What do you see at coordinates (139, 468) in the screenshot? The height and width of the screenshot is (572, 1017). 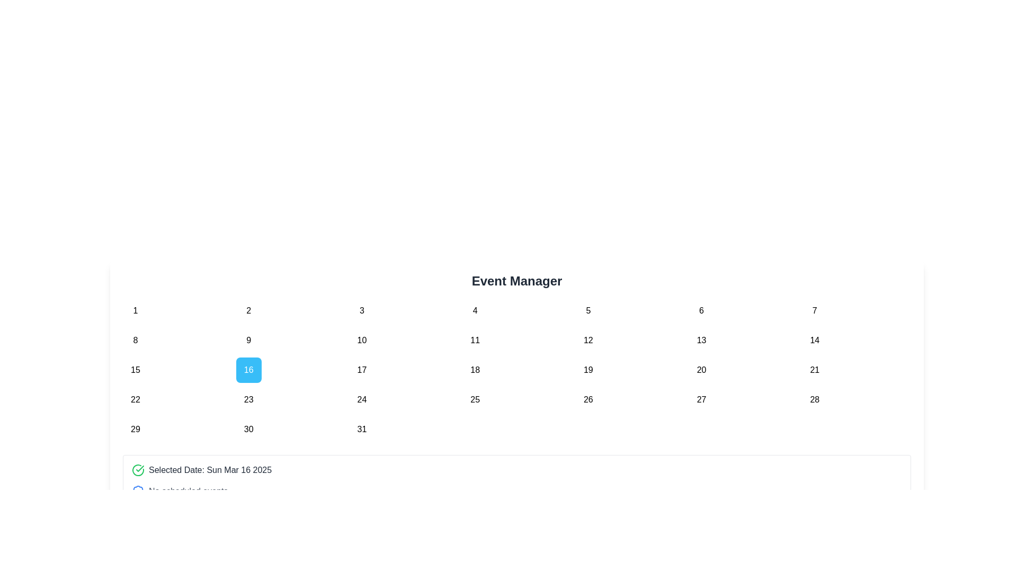 I see `the green checkmark icon within its circular design, indicating a success or confirmation state for the selected date` at bounding box center [139, 468].